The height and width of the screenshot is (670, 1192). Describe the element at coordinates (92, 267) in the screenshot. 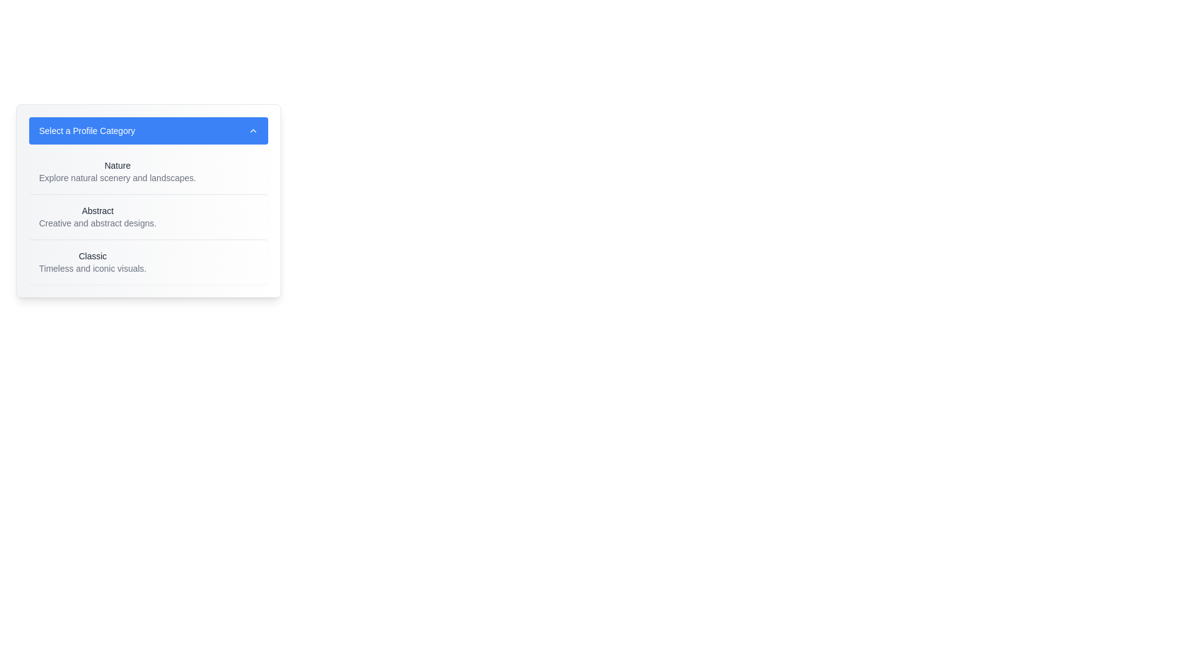

I see `descriptive text label located below the 'Classic' title in the category selector, which aids users in understanding the theme of the 'Classic' category` at that location.